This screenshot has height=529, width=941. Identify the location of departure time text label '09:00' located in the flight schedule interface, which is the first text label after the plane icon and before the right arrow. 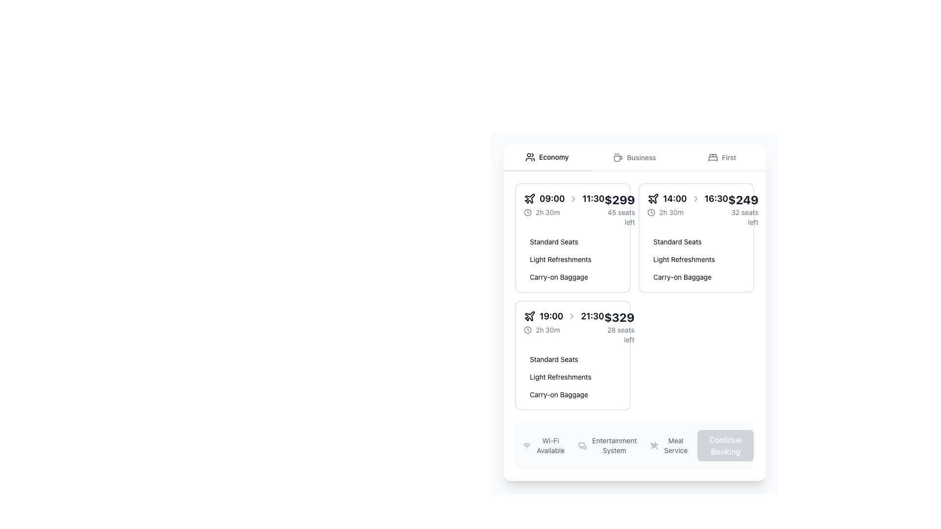
(552, 198).